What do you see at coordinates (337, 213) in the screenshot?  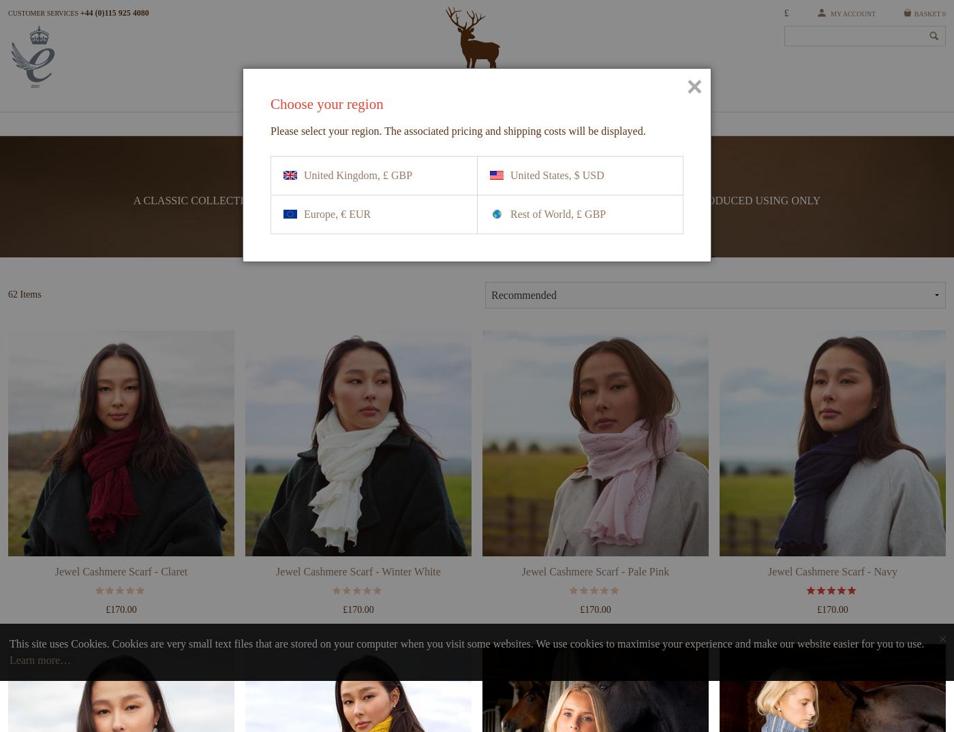 I see `'Europe, € EUR'` at bounding box center [337, 213].